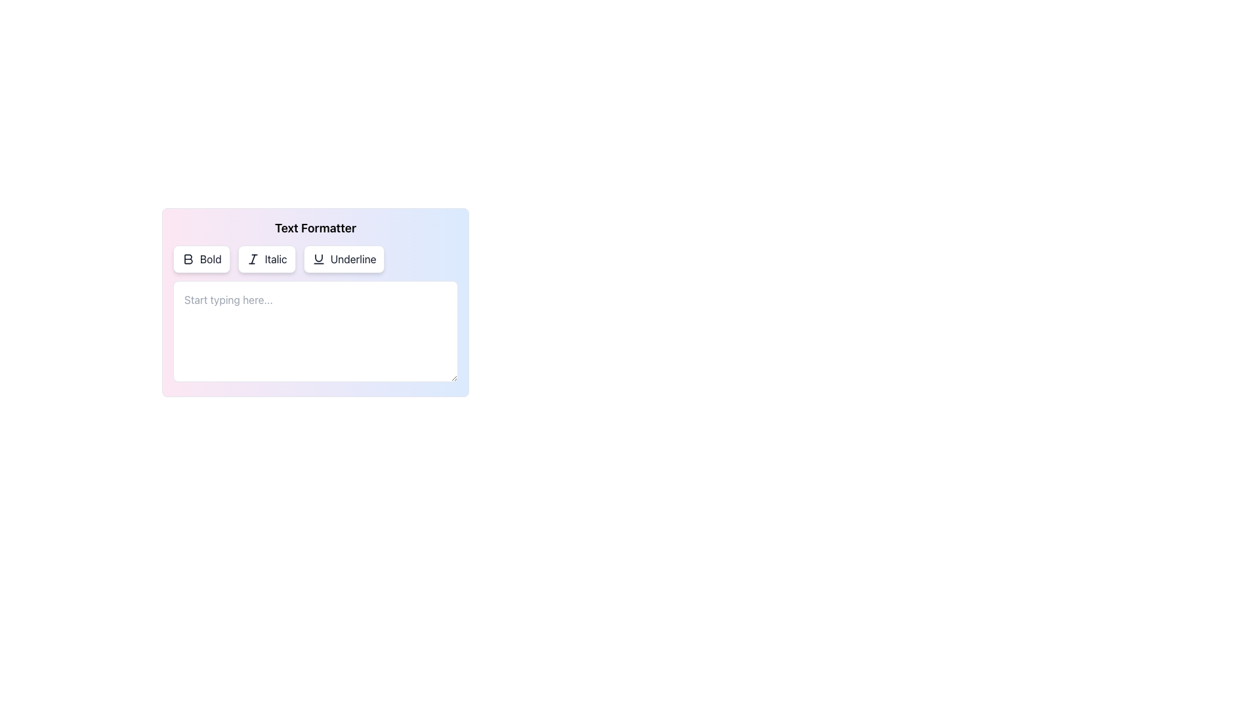  Describe the element at coordinates (253, 259) in the screenshot. I see `the Italic text formatting icon located in the toolbar` at that location.